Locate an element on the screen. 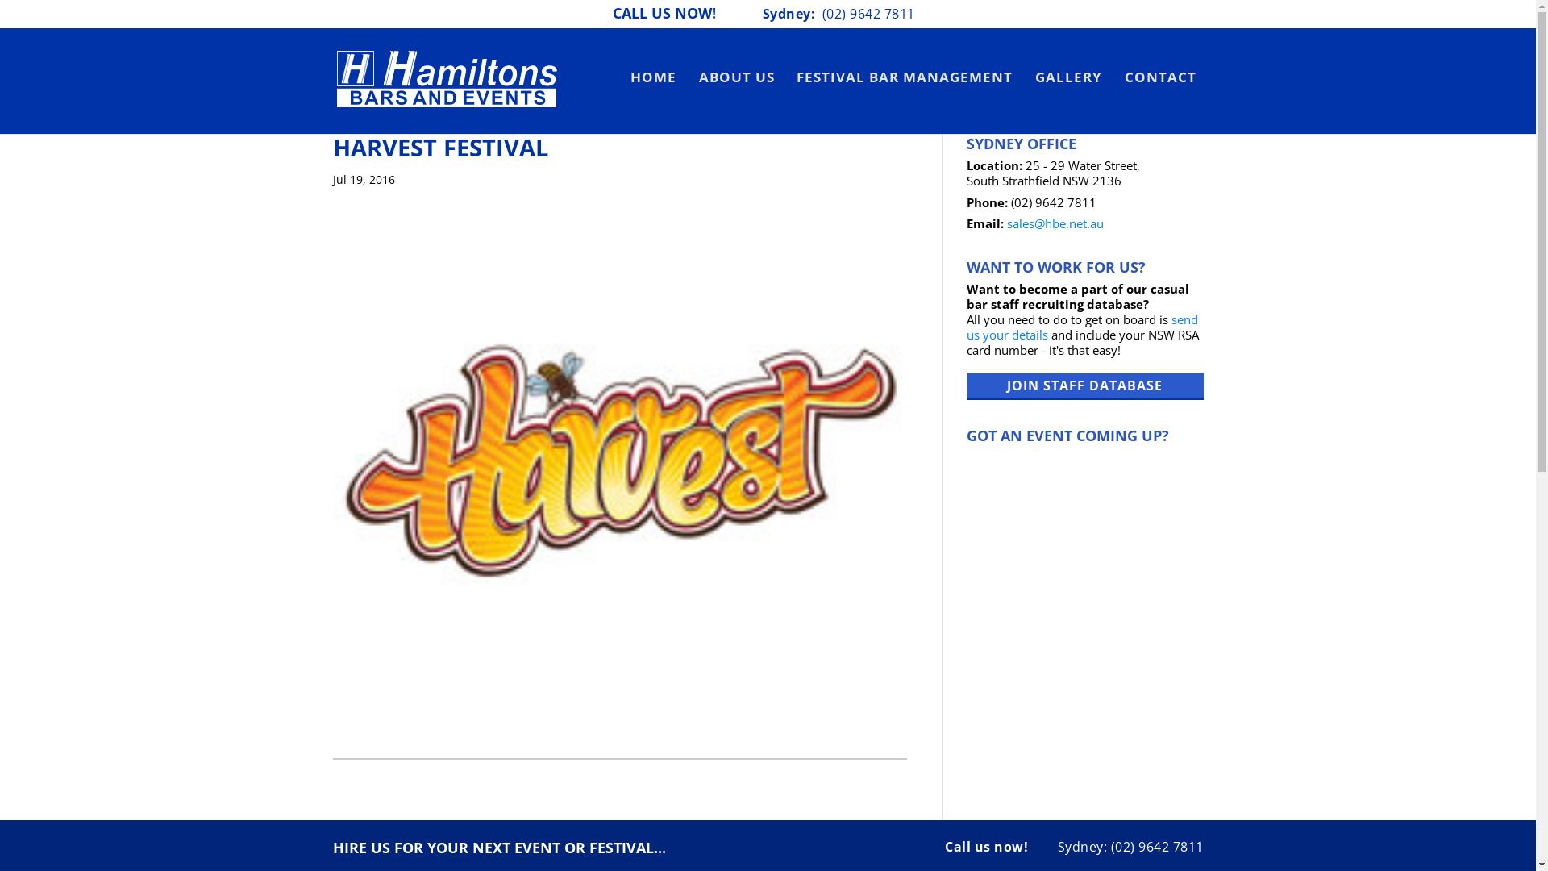 The height and width of the screenshot is (871, 1548). 'Sydney: (02) 9642 7811' is located at coordinates (1130, 845).